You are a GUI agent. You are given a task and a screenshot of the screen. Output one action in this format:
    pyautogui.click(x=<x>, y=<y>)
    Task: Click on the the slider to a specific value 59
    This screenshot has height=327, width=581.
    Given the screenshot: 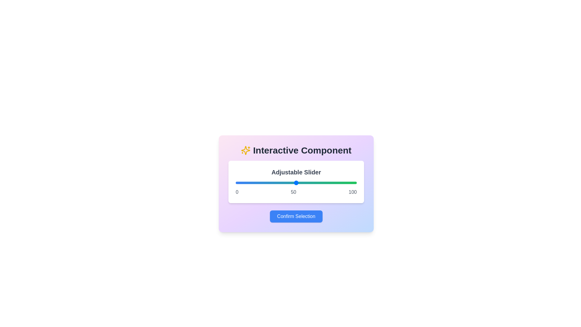 What is the action you would take?
    pyautogui.click(x=307, y=183)
    